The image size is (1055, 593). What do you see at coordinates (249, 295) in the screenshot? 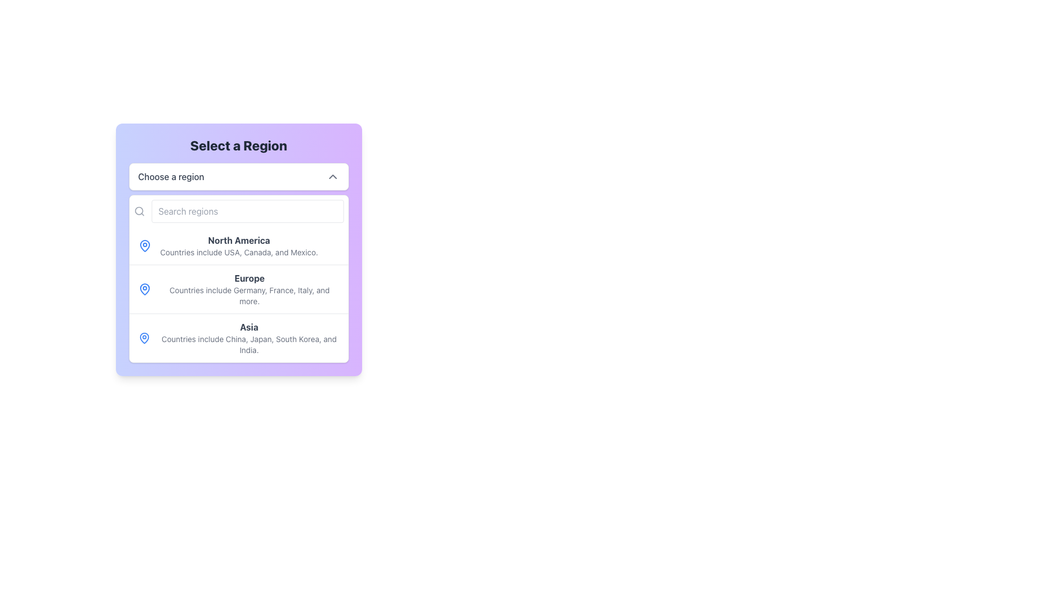
I see `the text label that describes the countries in Europe, which reads 'Countries include Germany, France, Italy, and more.', located below the title 'Europe' in the 'Select a Region' modal` at bounding box center [249, 295].